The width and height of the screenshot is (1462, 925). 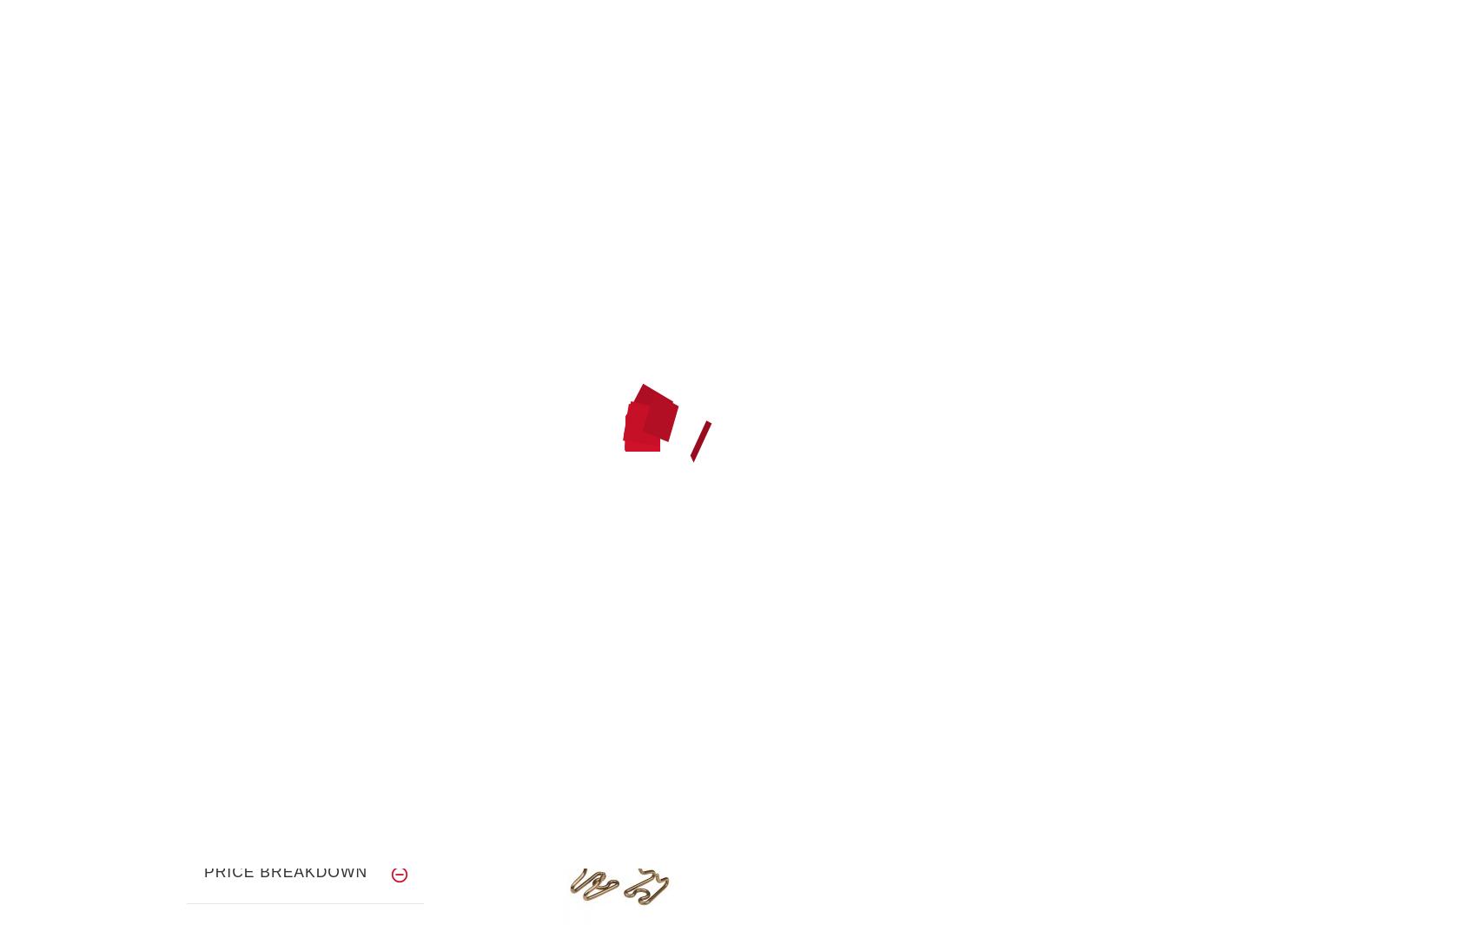 I want to click on 'NeckTech Collars', so click(x=316, y=208).